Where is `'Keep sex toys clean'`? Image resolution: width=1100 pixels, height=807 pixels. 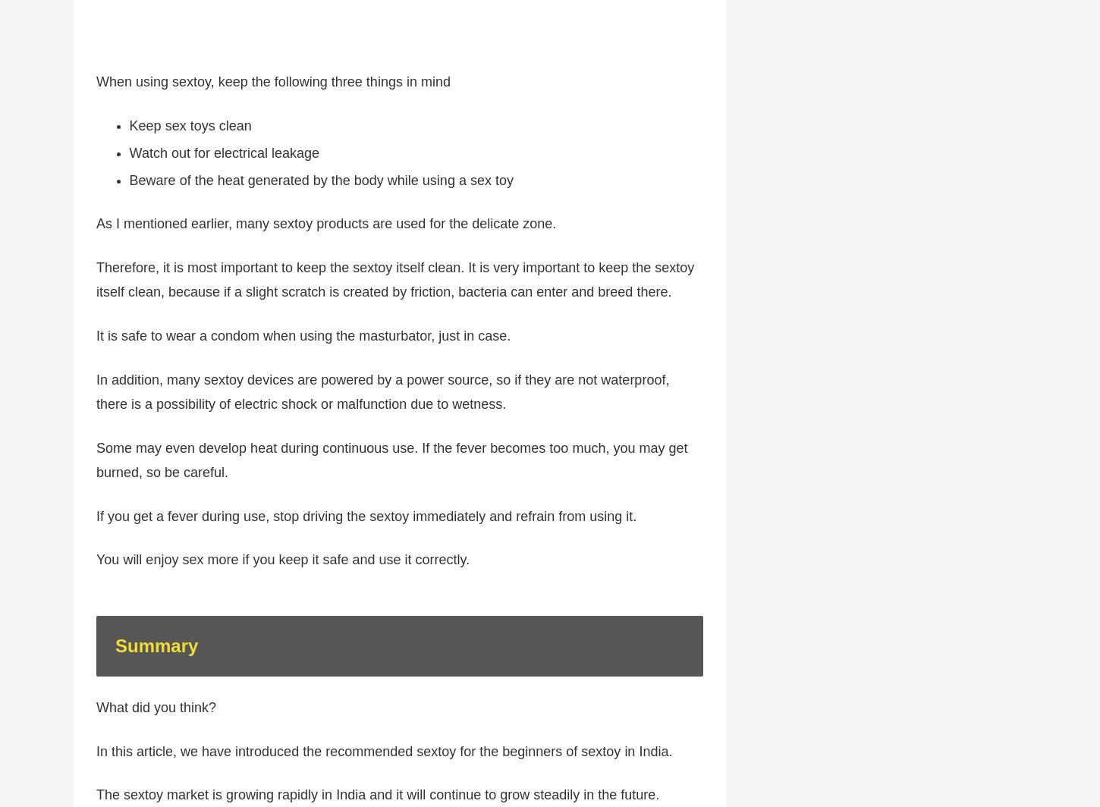 'Keep sex toys clean' is located at coordinates (127, 134).